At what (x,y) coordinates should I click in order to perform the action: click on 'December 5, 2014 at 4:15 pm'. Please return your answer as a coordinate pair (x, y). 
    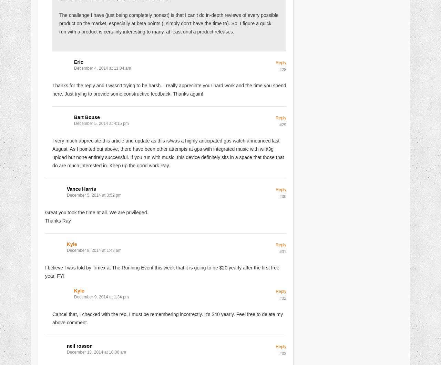
    Looking at the image, I should click on (101, 123).